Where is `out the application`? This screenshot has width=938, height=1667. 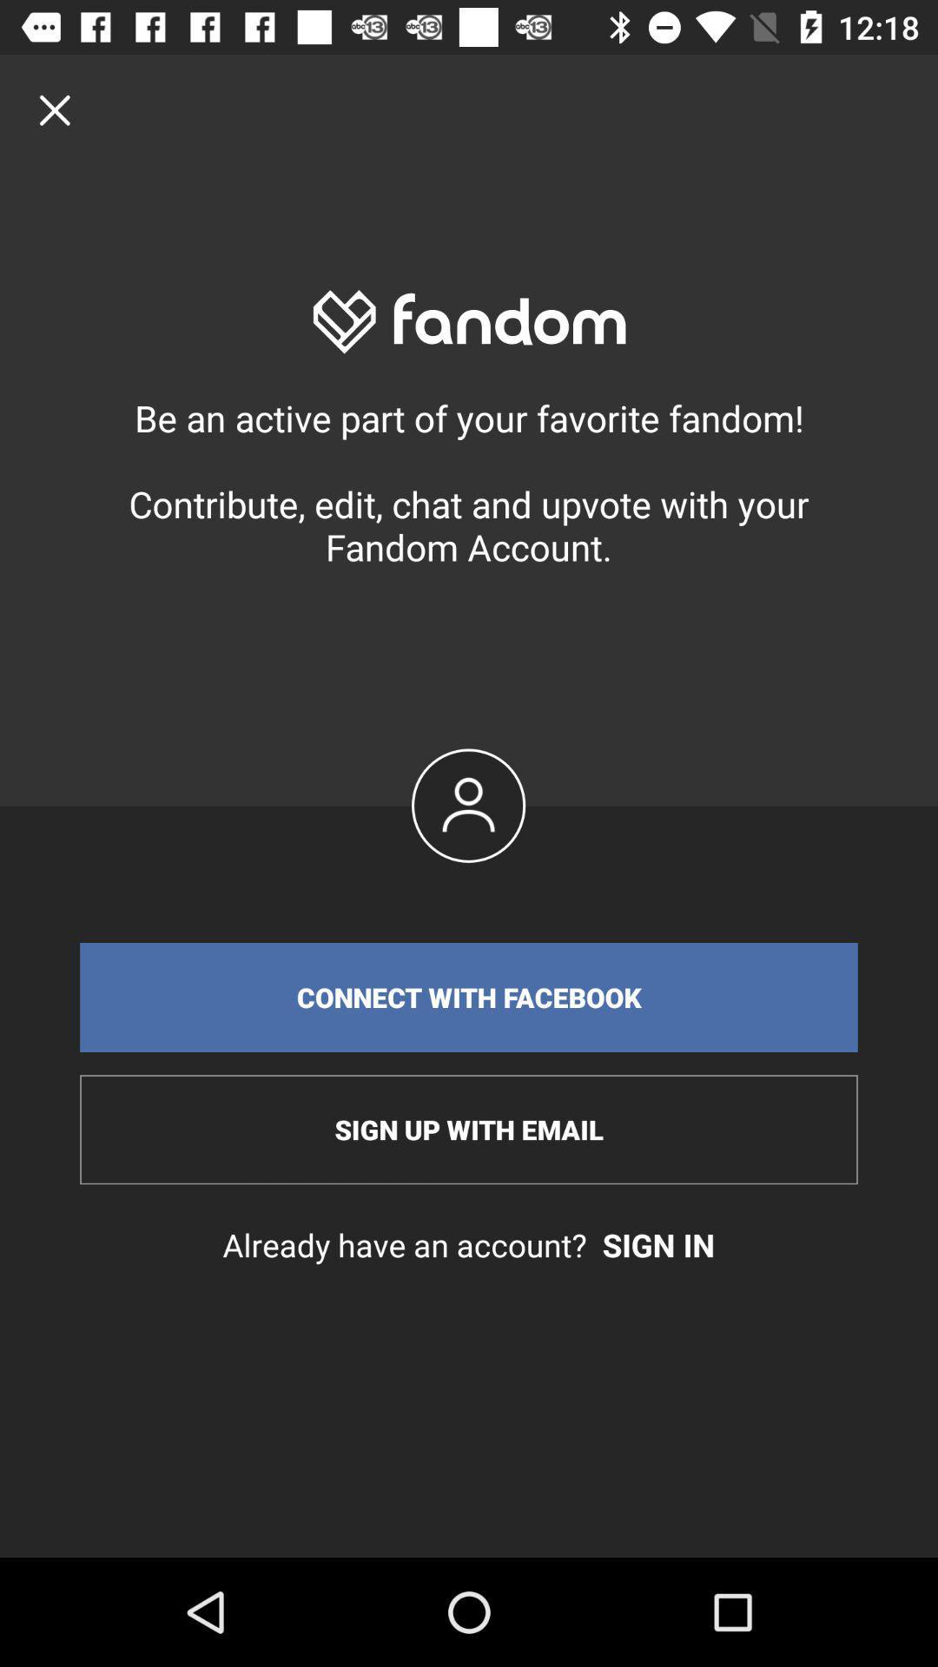
out the application is located at coordinates (54, 109).